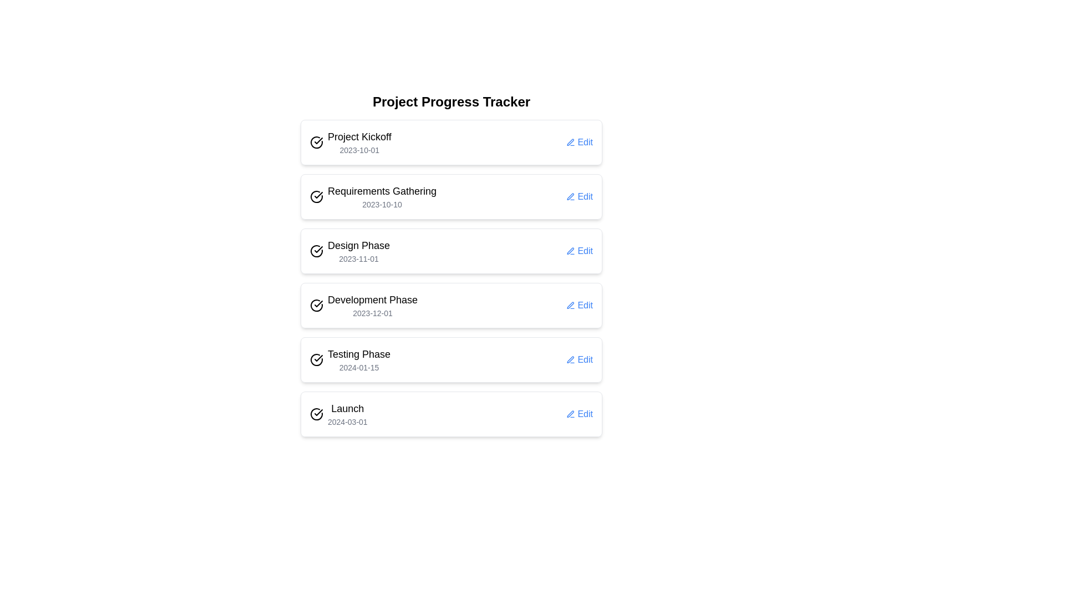 The height and width of the screenshot is (599, 1065). Describe the element at coordinates (579, 196) in the screenshot. I see `the edit button for the 'Requirements Gathering' entry` at that location.